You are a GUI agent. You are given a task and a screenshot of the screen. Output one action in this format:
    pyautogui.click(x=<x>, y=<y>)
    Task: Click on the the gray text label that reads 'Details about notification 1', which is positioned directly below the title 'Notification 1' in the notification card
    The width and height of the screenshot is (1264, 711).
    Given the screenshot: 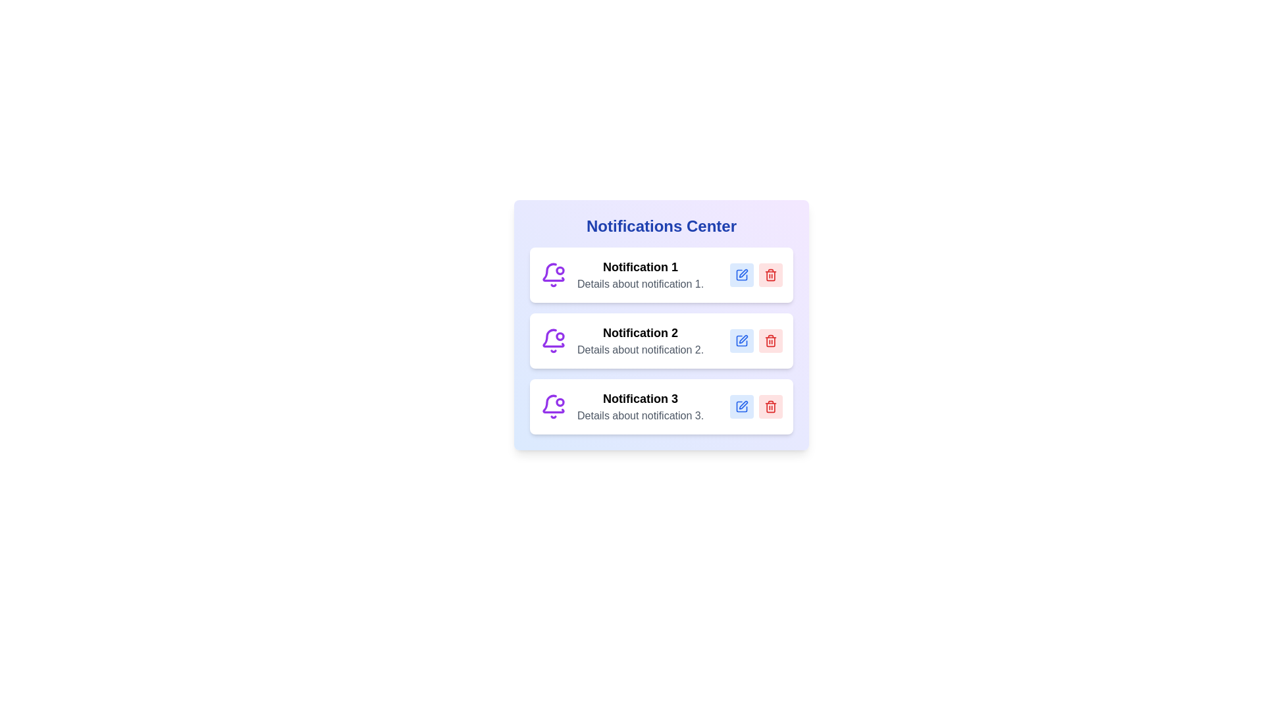 What is the action you would take?
    pyautogui.click(x=641, y=284)
    